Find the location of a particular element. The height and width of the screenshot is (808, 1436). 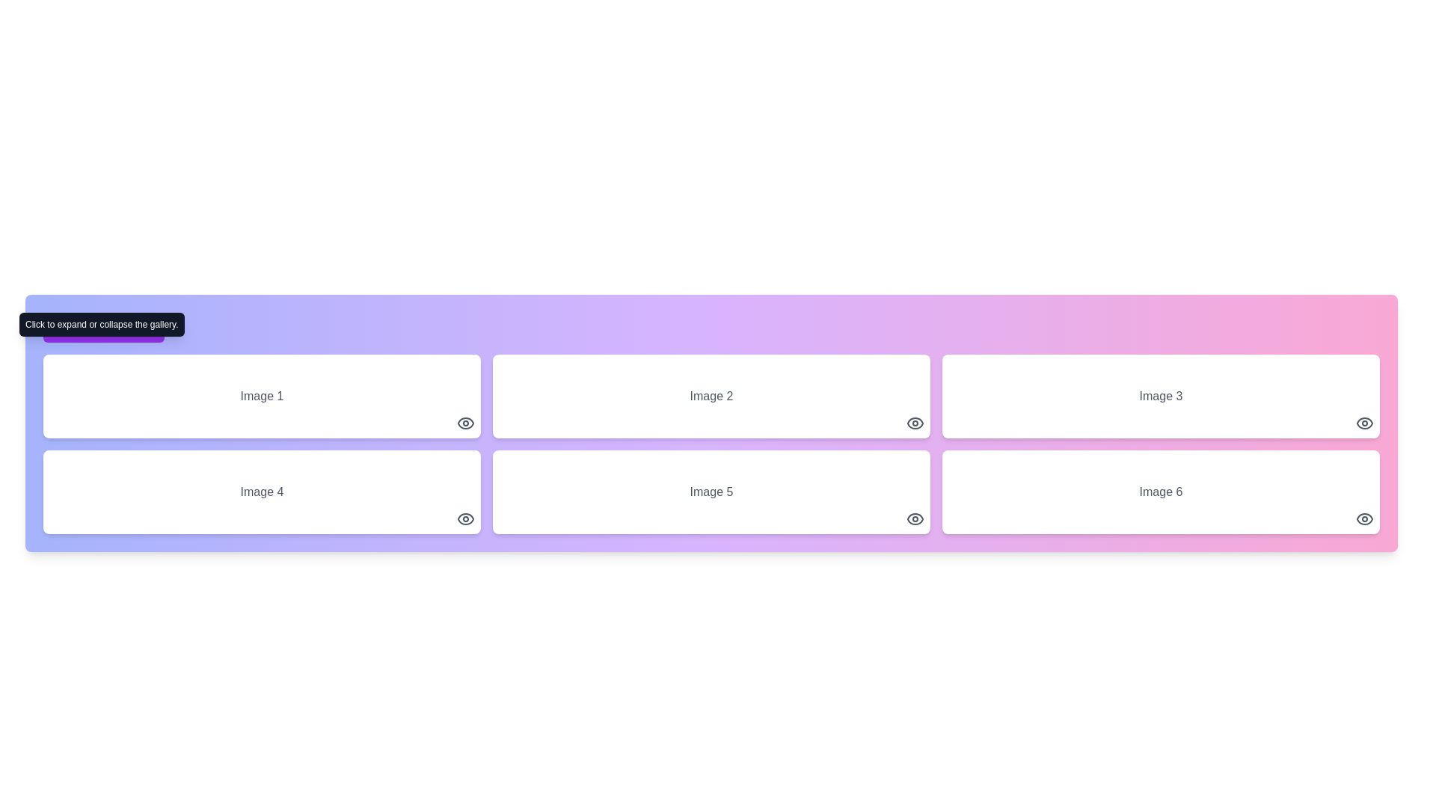

the second card in the 2x3 grid layout is located at coordinates (711, 492).